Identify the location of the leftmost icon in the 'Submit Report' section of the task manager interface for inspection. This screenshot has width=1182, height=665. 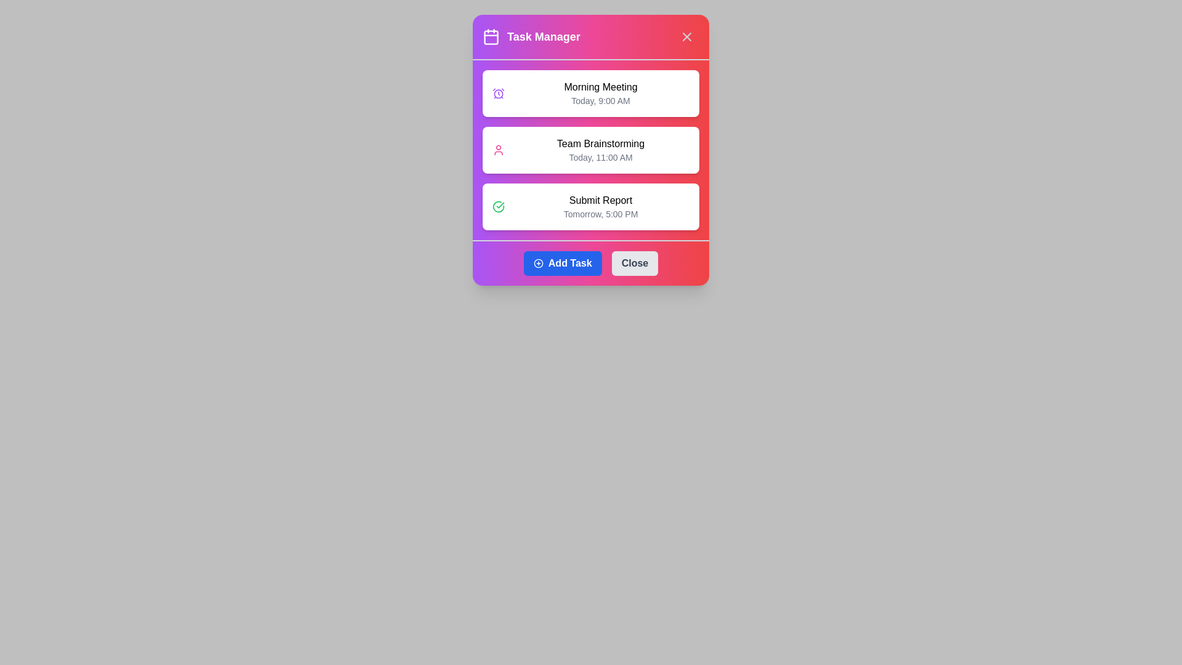
(499, 206).